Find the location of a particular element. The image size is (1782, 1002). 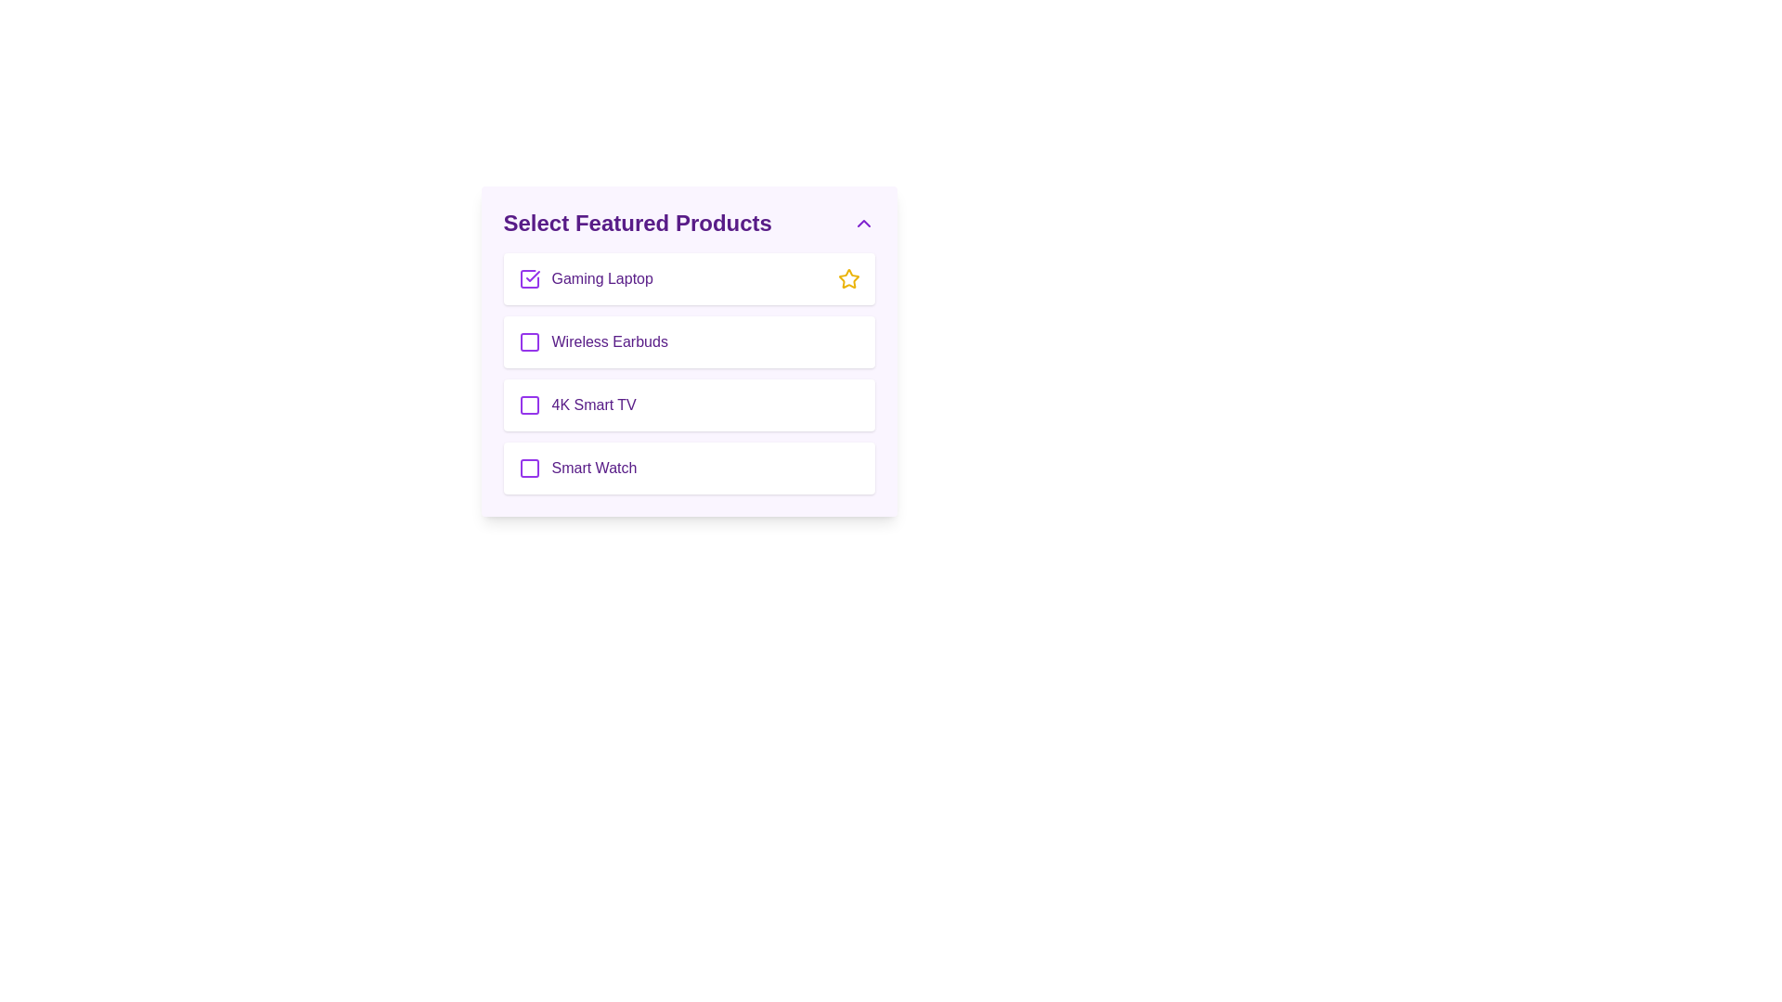

the checkbox for 'Gaming Laptop' located is located at coordinates (528, 278).